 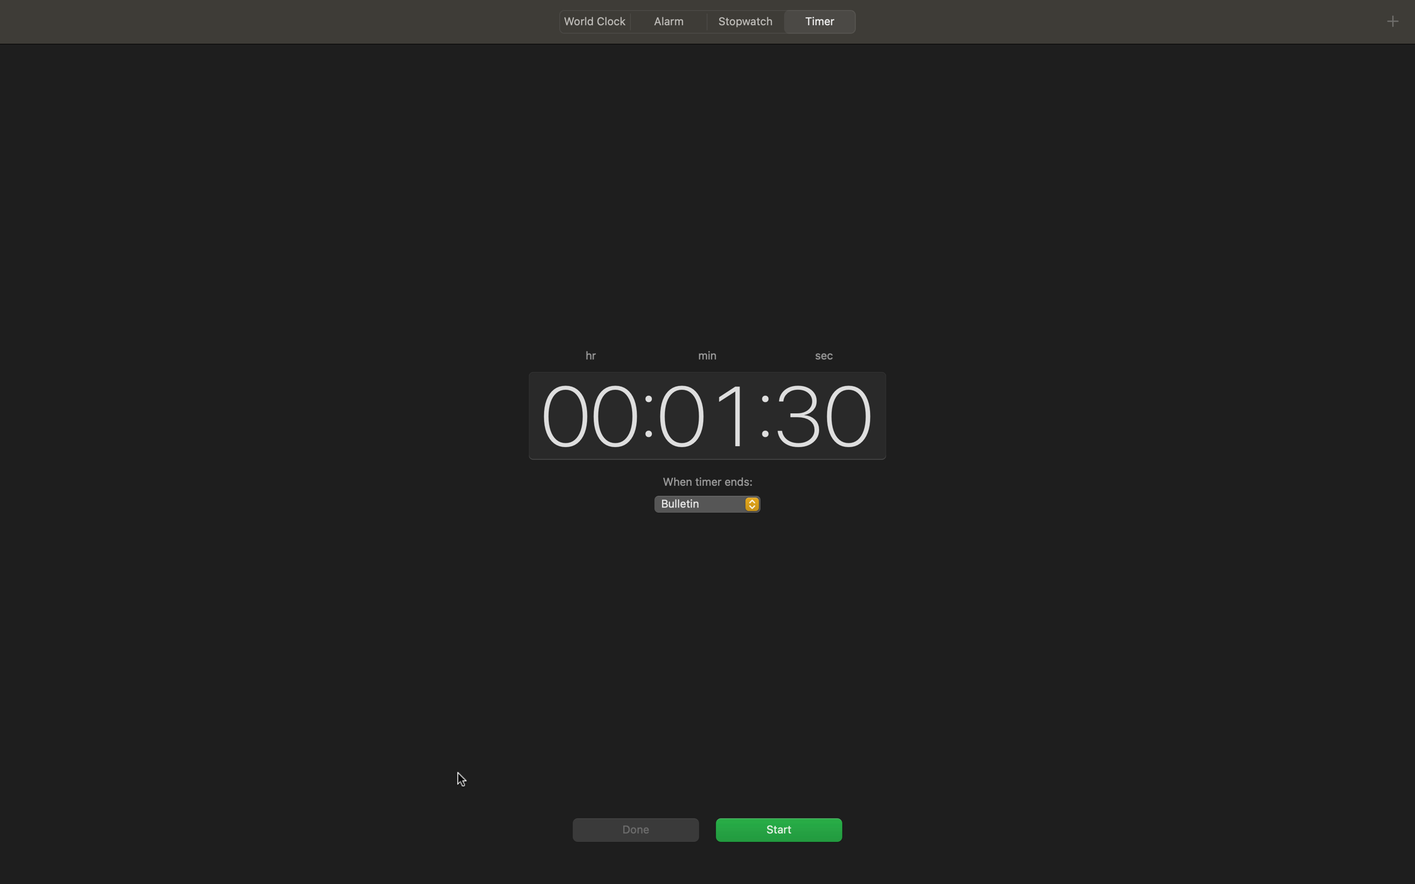 What do you see at coordinates (702, 414) in the screenshot?
I see `For minutes, set value as 41` at bounding box center [702, 414].